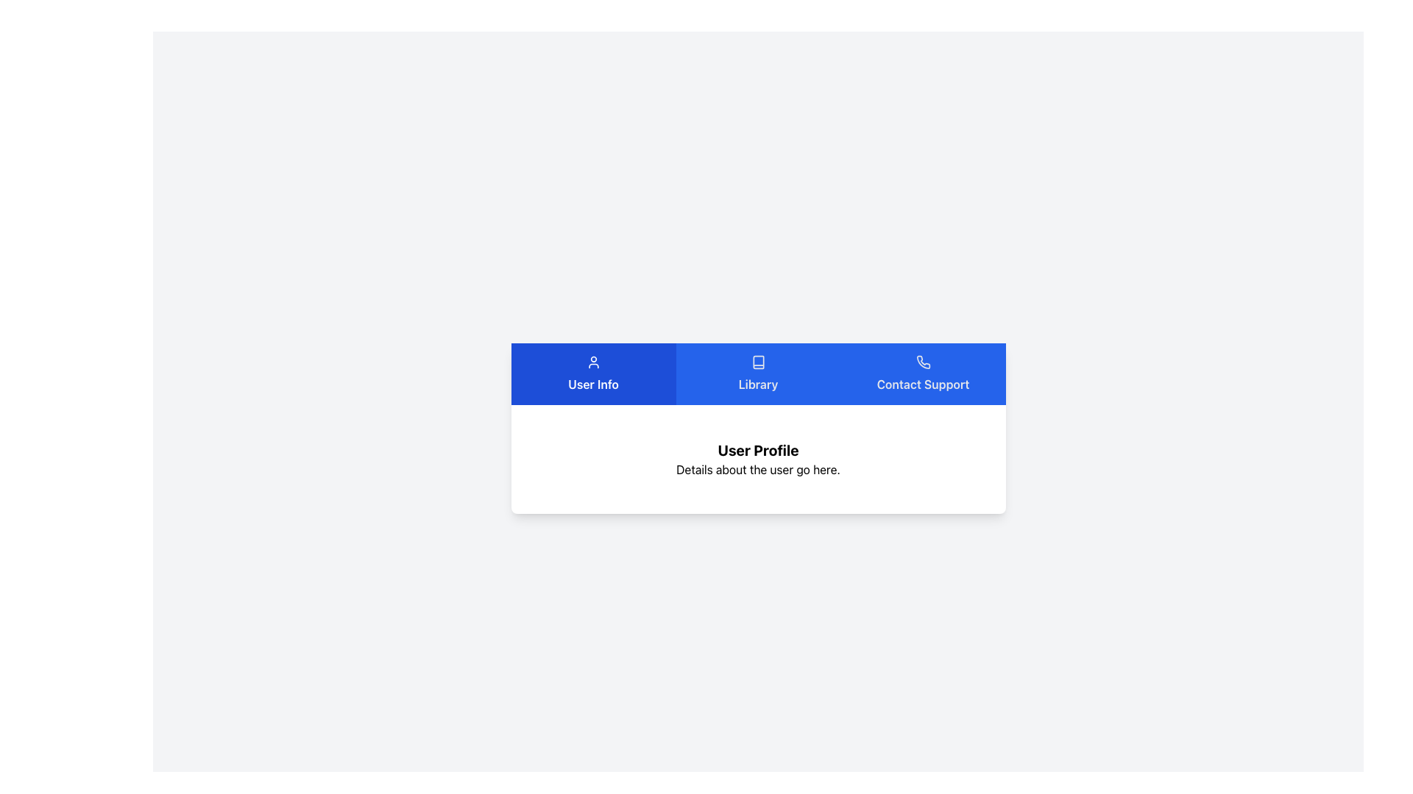  Describe the element at coordinates (758, 470) in the screenshot. I see `the text label displaying 'Details about the user go here.' which is located below the 'User Profile' header` at that location.